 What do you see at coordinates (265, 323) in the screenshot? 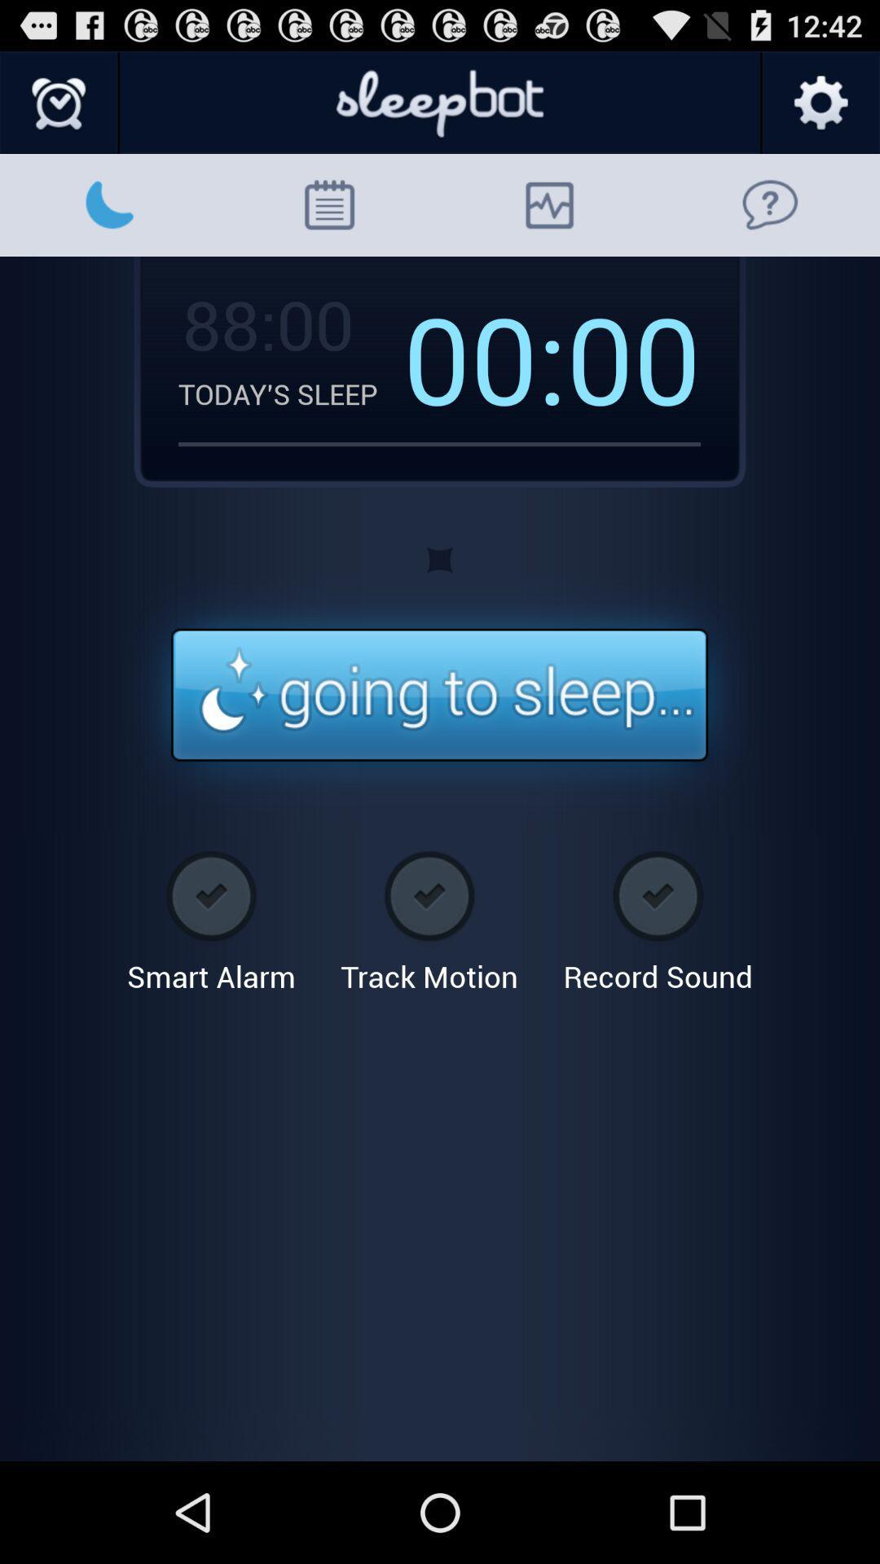
I see `icon to the left of the 00: app` at bounding box center [265, 323].